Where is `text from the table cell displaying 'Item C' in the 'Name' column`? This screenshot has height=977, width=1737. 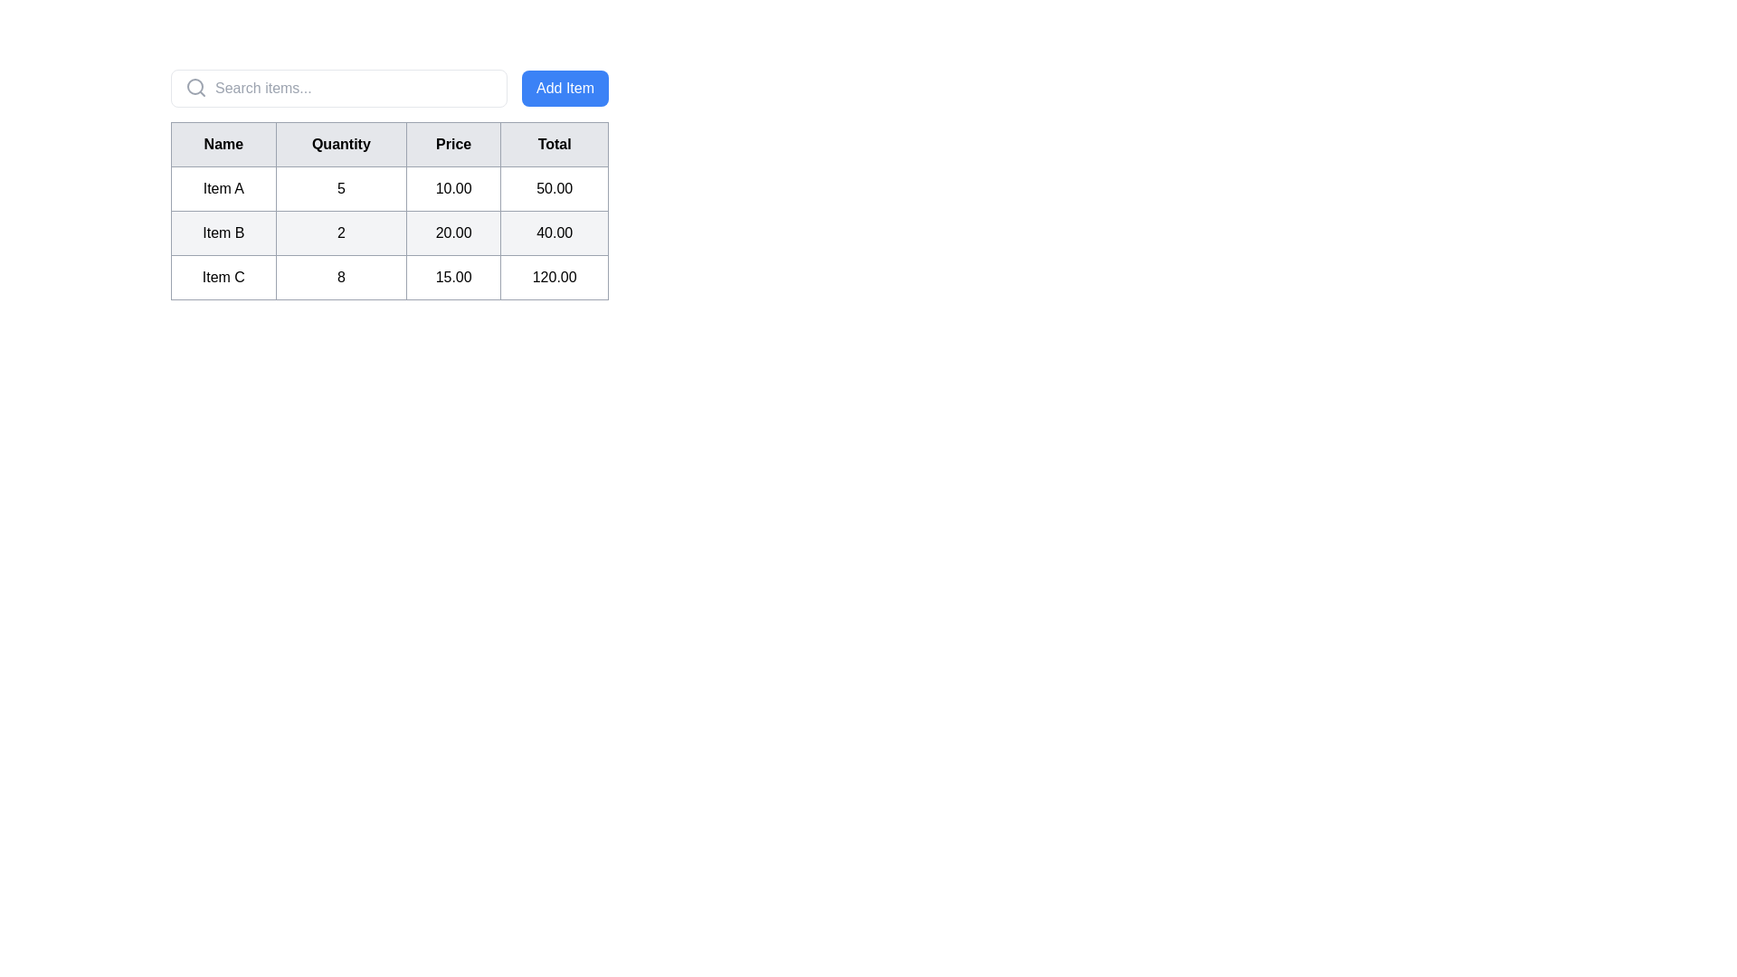 text from the table cell displaying 'Item C' in the 'Name' column is located at coordinates (223, 278).